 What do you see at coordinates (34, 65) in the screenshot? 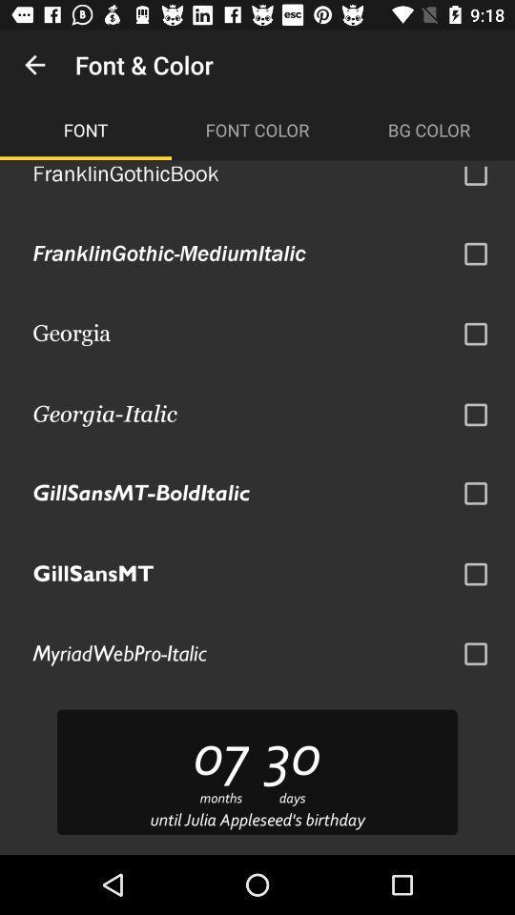
I see `icon to the left of font & color item` at bounding box center [34, 65].